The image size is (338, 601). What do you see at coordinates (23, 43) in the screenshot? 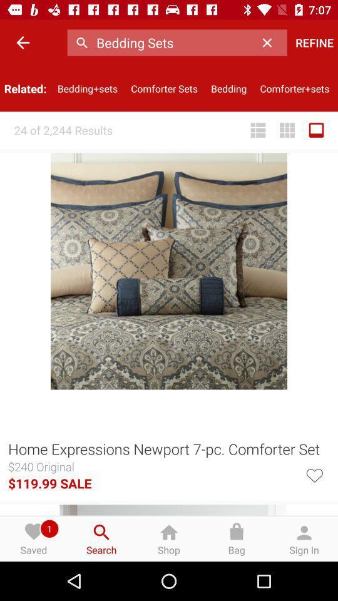
I see `the icon to the left of the bedding+sets icon` at bounding box center [23, 43].